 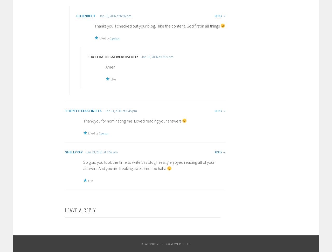 What do you see at coordinates (112, 57) in the screenshot?
I see `'SHUTTHATNEGATIVENOISEOFF!'` at bounding box center [112, 57].